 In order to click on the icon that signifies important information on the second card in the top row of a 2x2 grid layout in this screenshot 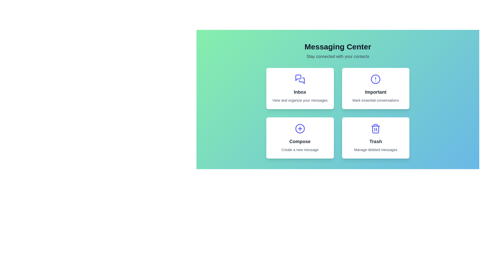, I will do `click(376, 79)`.